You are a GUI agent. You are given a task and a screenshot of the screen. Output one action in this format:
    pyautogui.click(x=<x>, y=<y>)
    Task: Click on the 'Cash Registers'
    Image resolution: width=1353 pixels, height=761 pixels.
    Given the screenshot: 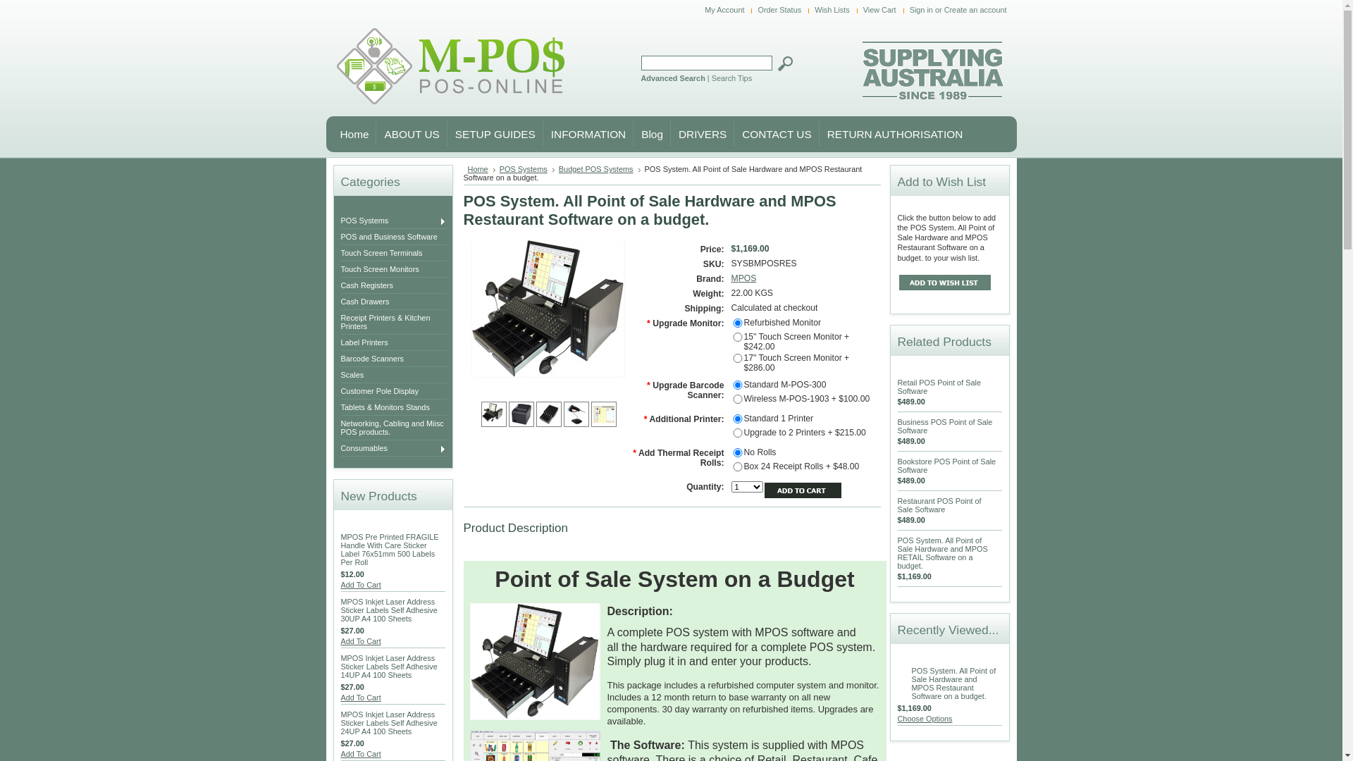 What is the action you would take?
    pyautogui.click(x=341, y=285)
    